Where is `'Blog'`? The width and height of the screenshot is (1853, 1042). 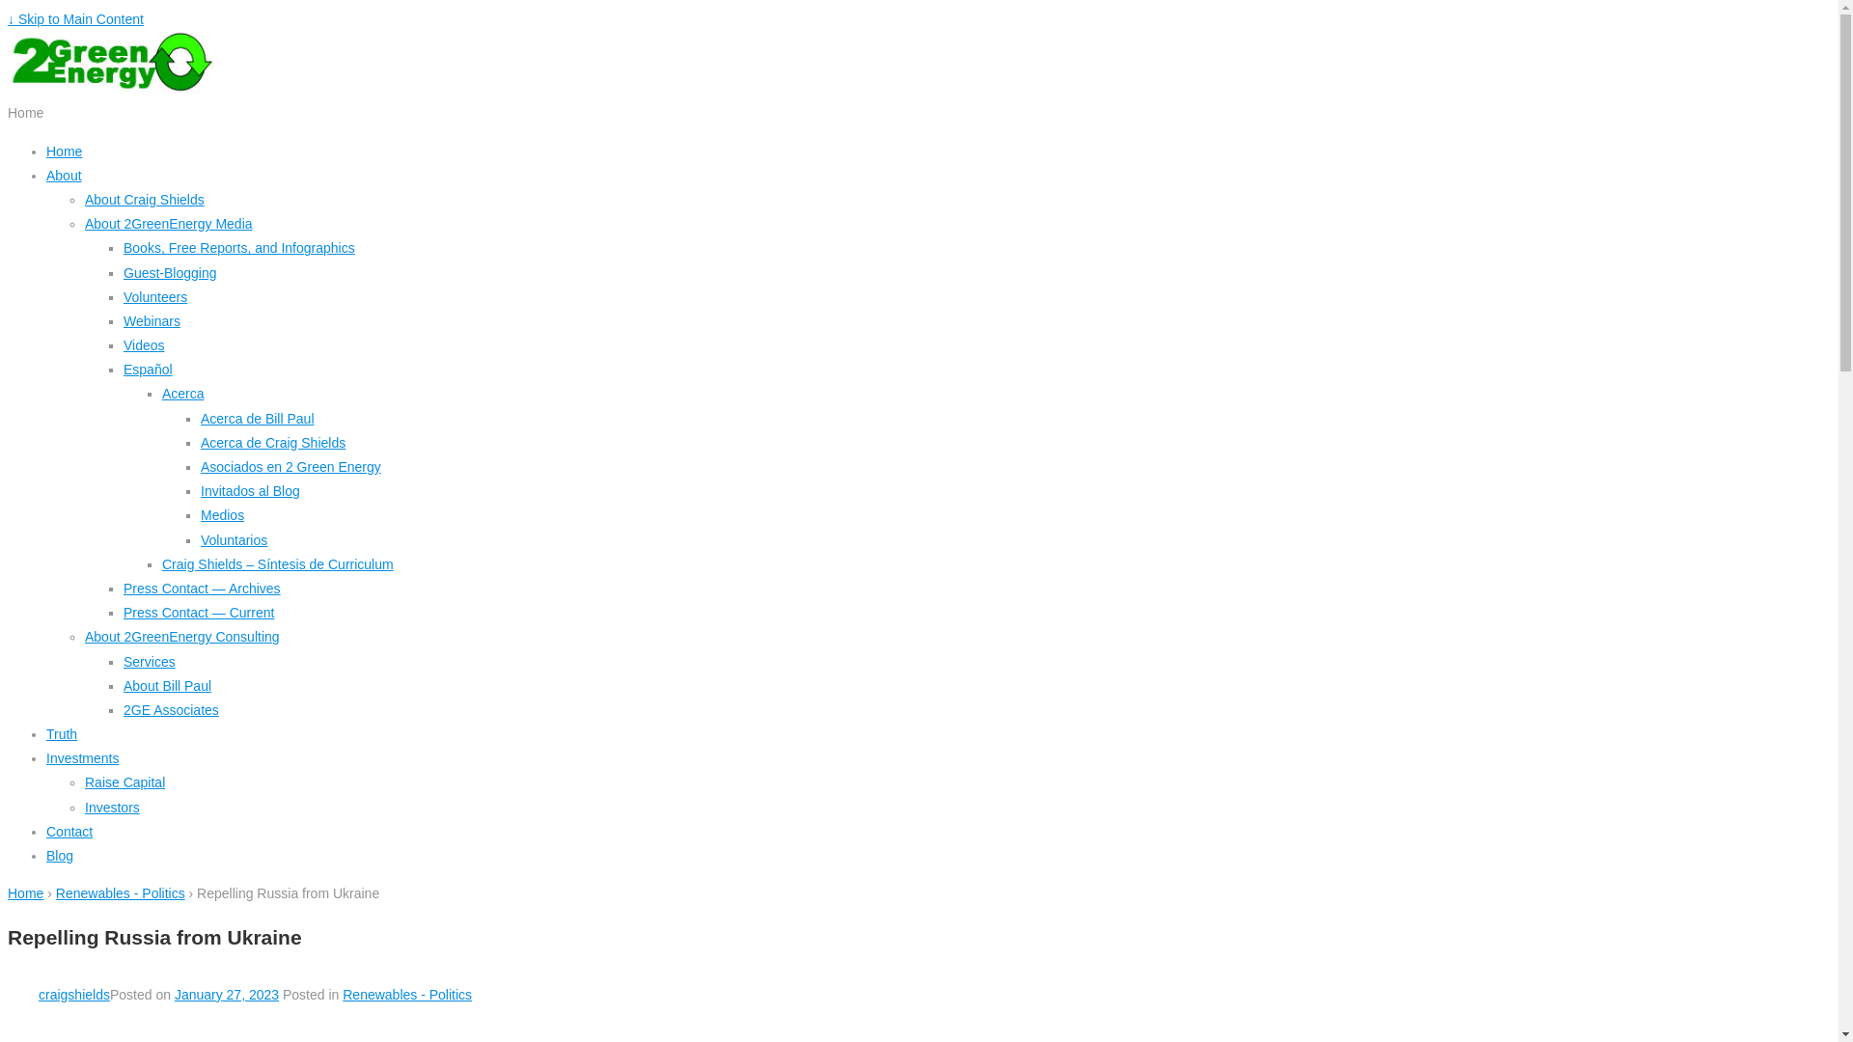
'Blog' is located at coordinates (60, 855).